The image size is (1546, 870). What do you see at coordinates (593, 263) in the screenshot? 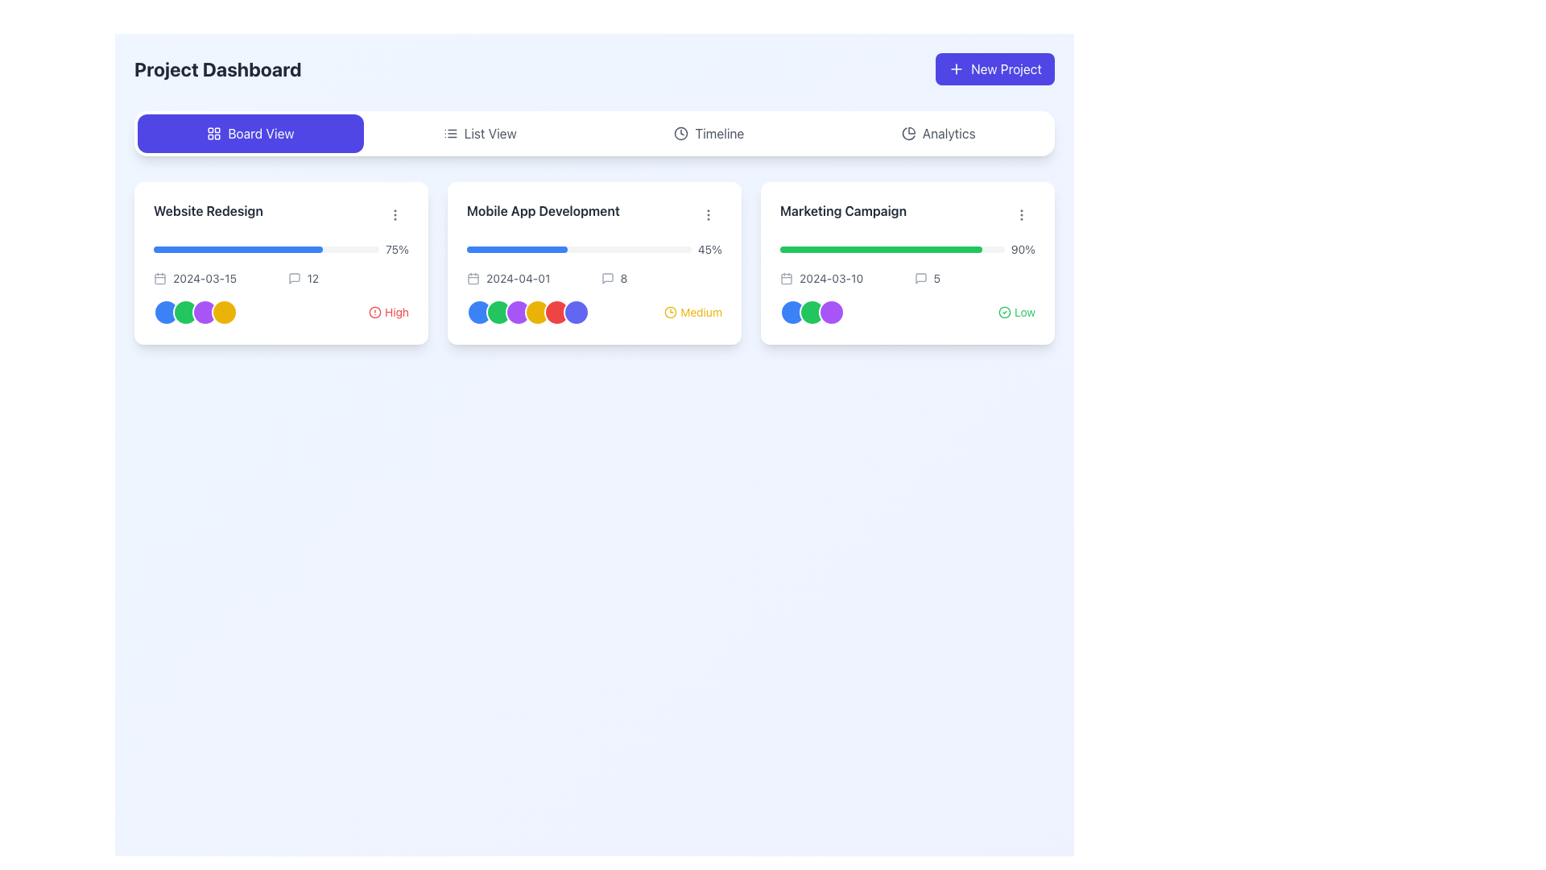
I see `the second interactive card in the grid layout` at bounding box center [593, 263].